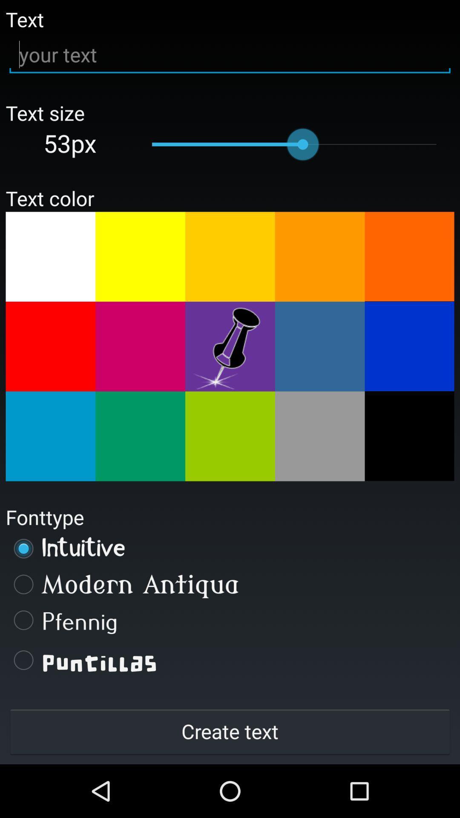  I want to click on change colour, so click(50, 436).